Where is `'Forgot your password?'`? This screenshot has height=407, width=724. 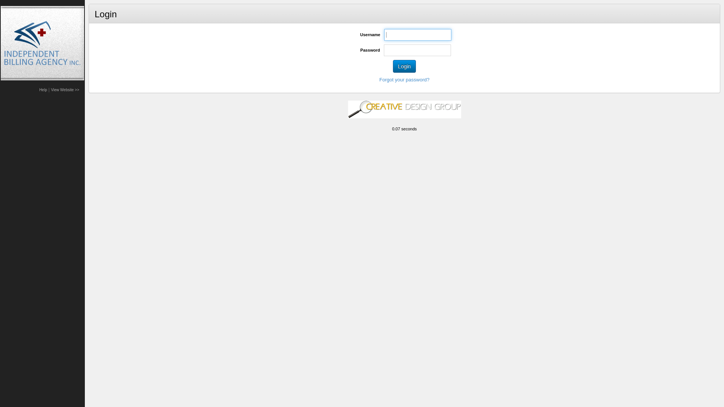
'Forgot your password?' is located at coordinates (404, 80).